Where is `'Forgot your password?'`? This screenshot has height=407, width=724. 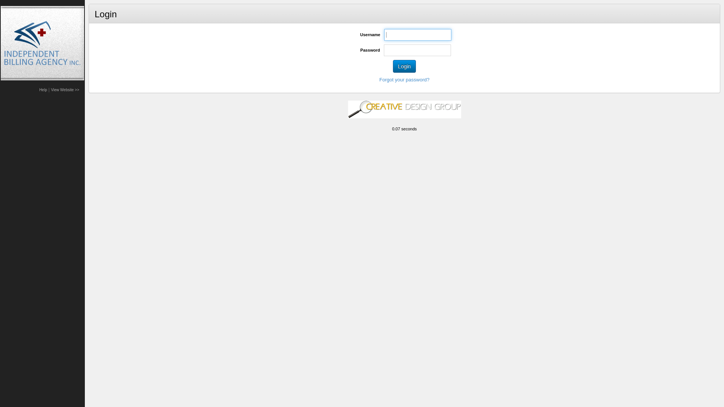
'Forgot your password?' is located at coordinates (404, 80).